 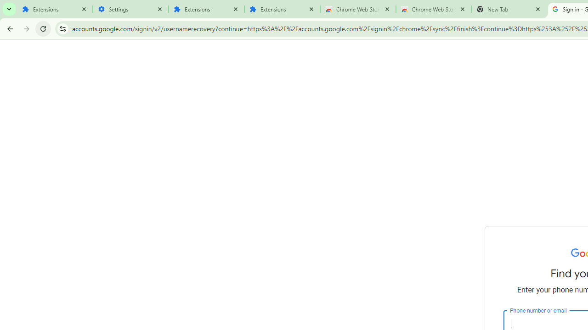 What do you see at coordinates (433, 9) in the screenshot?
I see `'Chrome Web Store - Themes'` at bounding box center [433, 9].